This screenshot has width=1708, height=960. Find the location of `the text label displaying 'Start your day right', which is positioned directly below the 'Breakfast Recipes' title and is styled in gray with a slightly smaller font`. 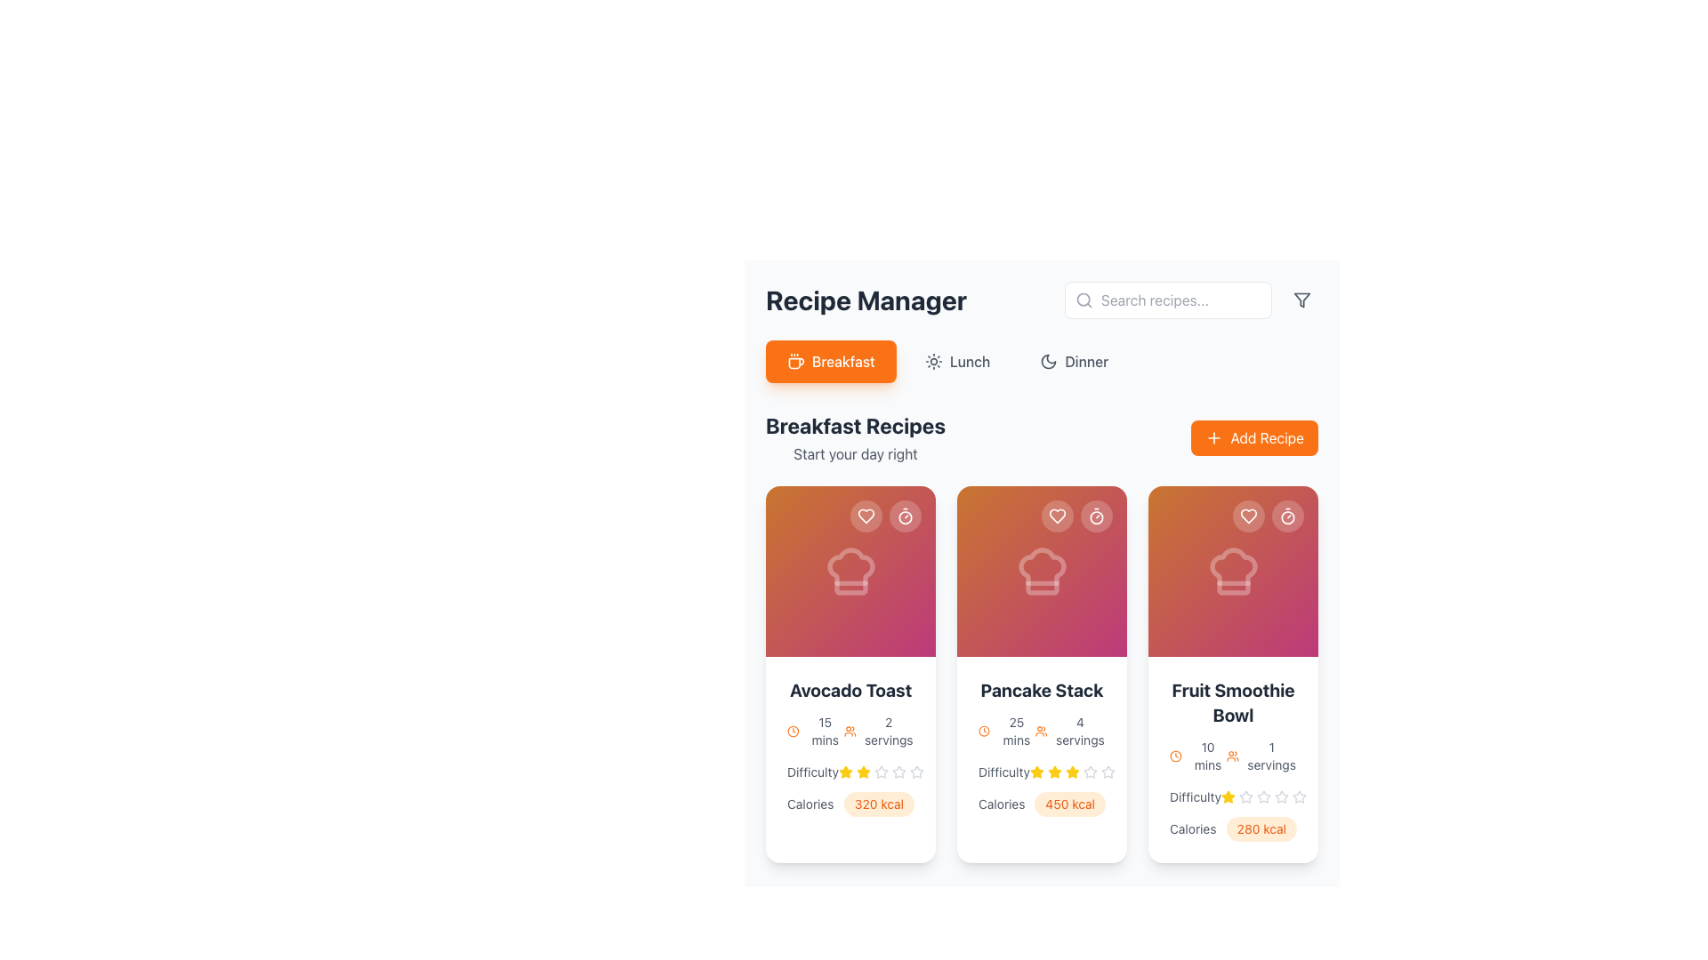

the text label displaying 'Start your day right', which is positioned directly below the 'Breakfast Recipes' title and is styled in gray with a slightly smaller font is located at coordinates (855, 452).